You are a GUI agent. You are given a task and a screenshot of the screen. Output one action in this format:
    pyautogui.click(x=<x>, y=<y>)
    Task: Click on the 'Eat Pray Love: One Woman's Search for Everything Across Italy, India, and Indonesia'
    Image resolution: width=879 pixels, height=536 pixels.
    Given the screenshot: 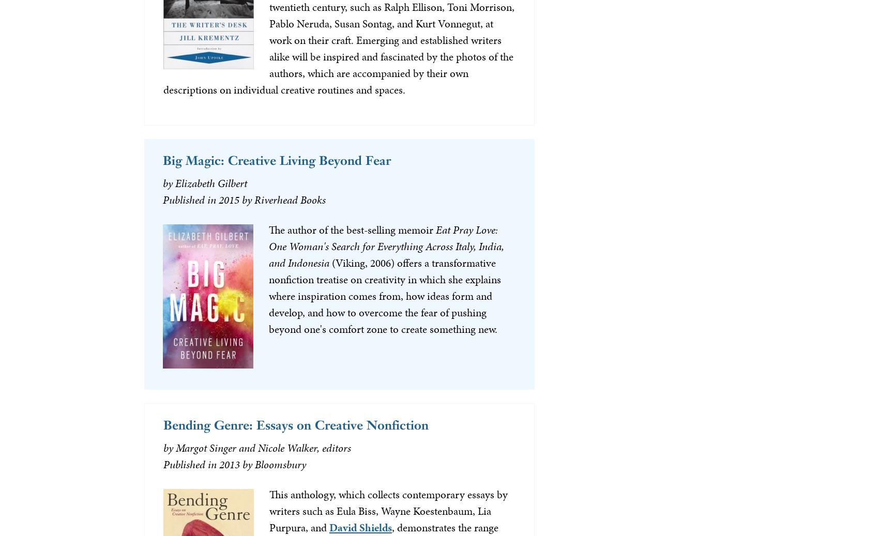 What is the action you would take?
    pyautogui.click(x=268, y=245)
    